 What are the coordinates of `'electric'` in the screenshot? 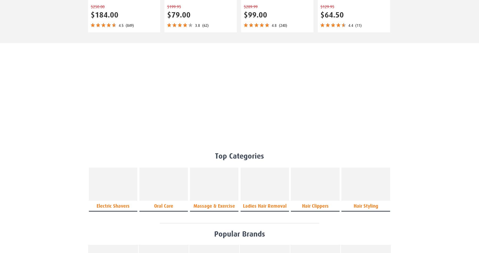 It's located at (104, 206).